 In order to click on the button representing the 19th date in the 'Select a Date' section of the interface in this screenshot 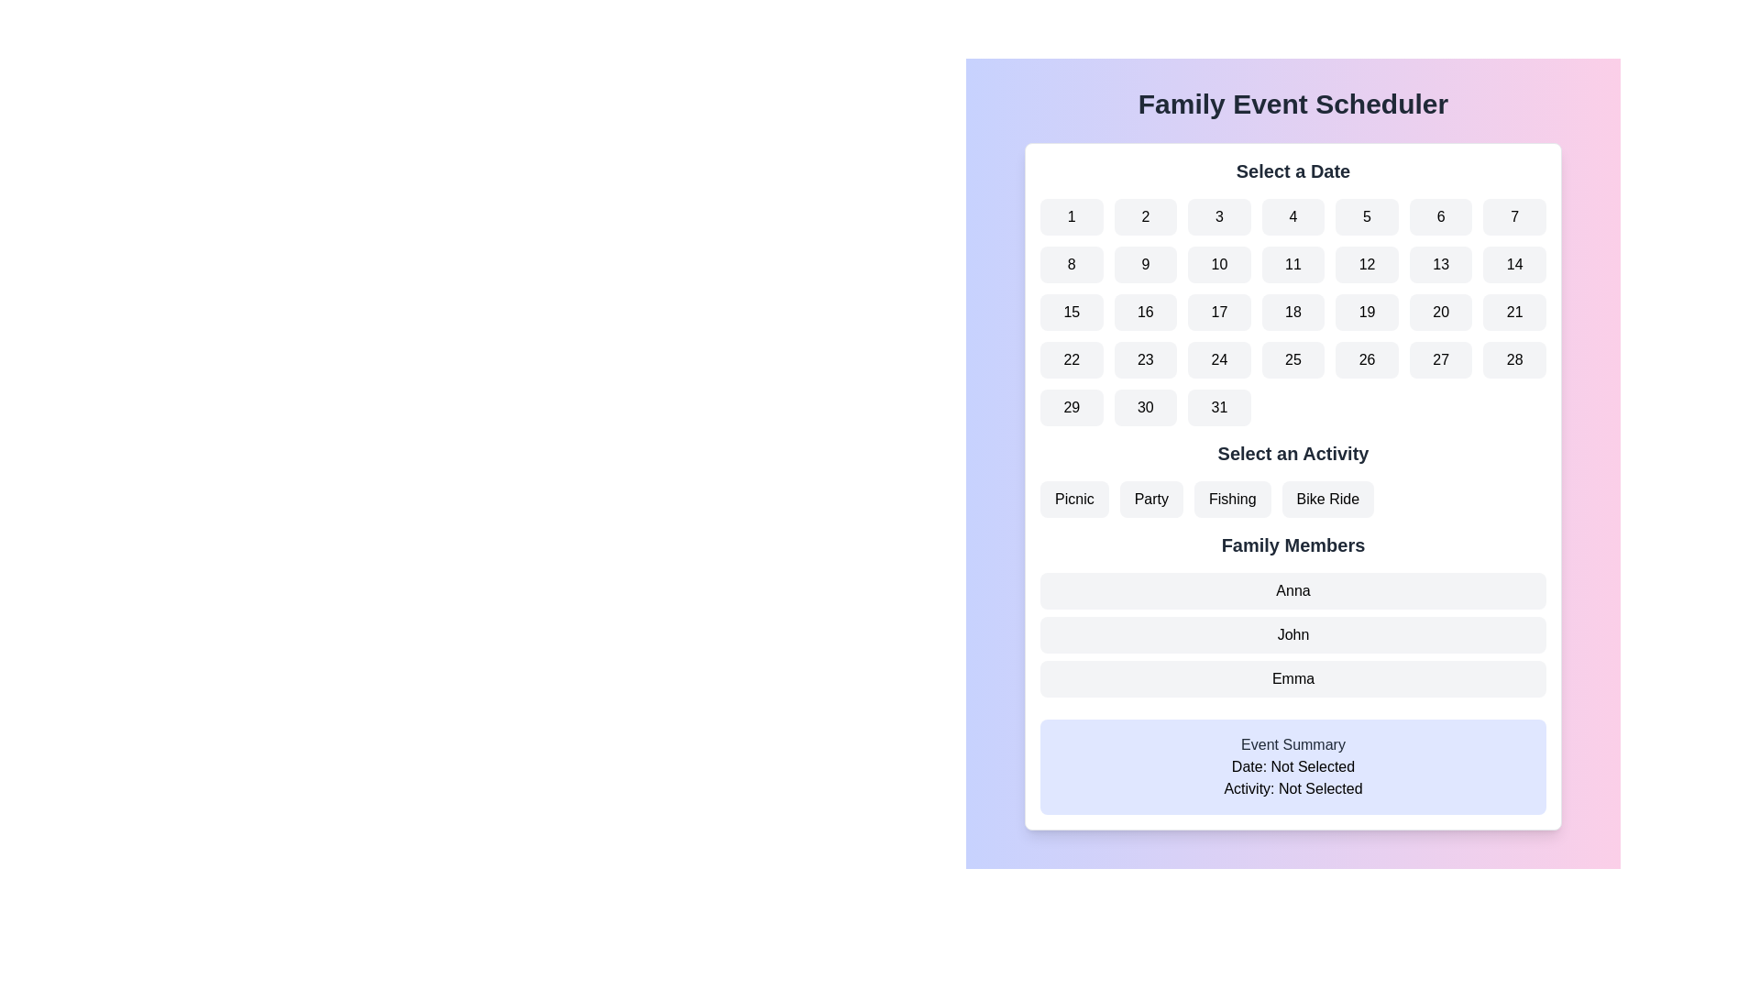, I will do `click(1367, 311)`.